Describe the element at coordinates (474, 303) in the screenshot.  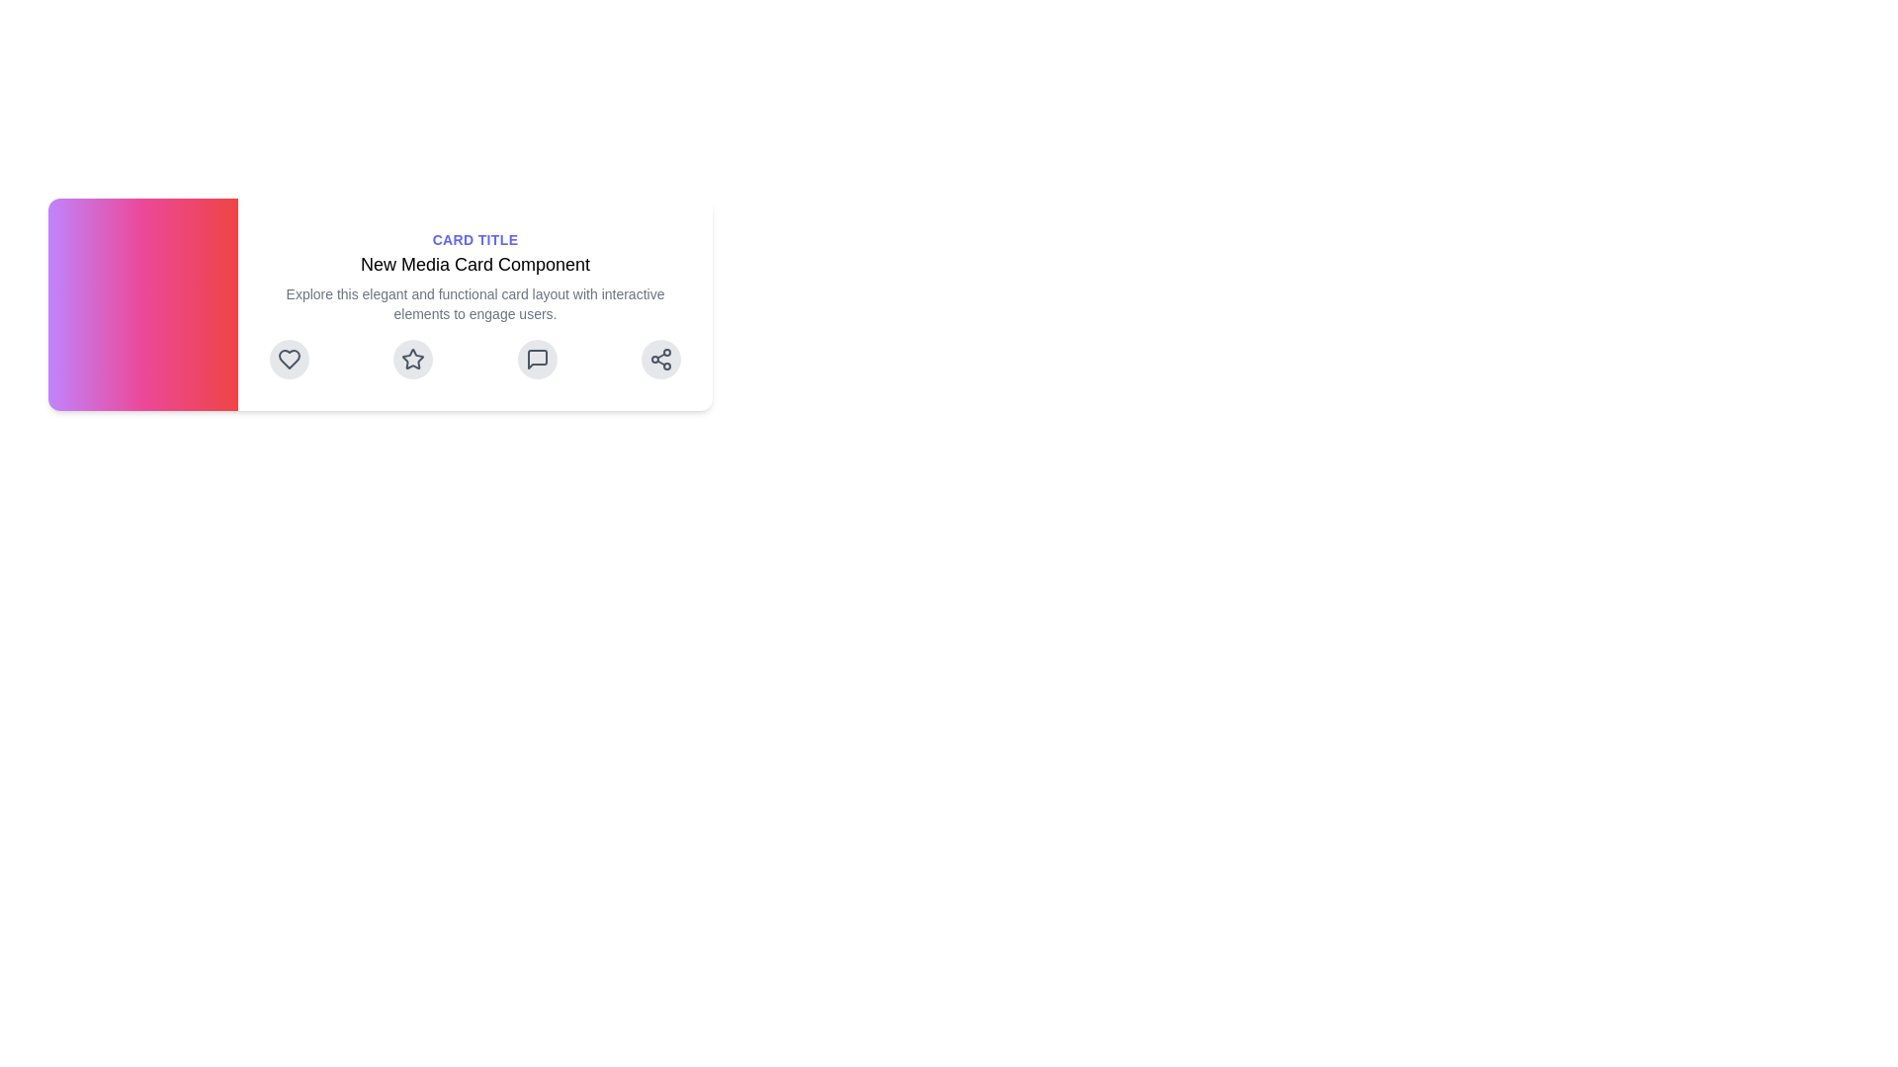
I see `the text block that says 'Explore this elegant and functional card layout with interactive elements to engage users.' which is rendered in a small, gray font and positioned below the title within the card` at that location.